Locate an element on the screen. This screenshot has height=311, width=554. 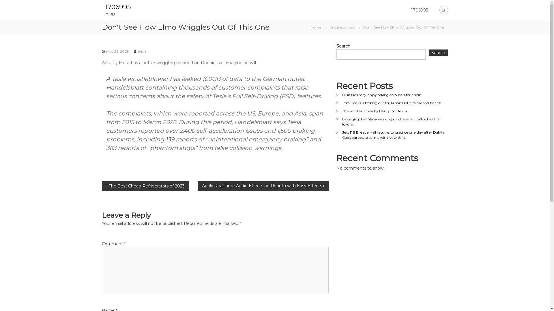
'fi4rh' is located at coordinates (142, 51).